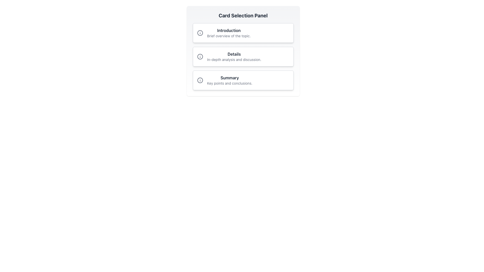  Describe the element at coordinates (243, 80) in the screenshot. I see `the 'Summary' section card which provides key points and conclusions, located at the bottom of the vertical stack of three sections` at that location.